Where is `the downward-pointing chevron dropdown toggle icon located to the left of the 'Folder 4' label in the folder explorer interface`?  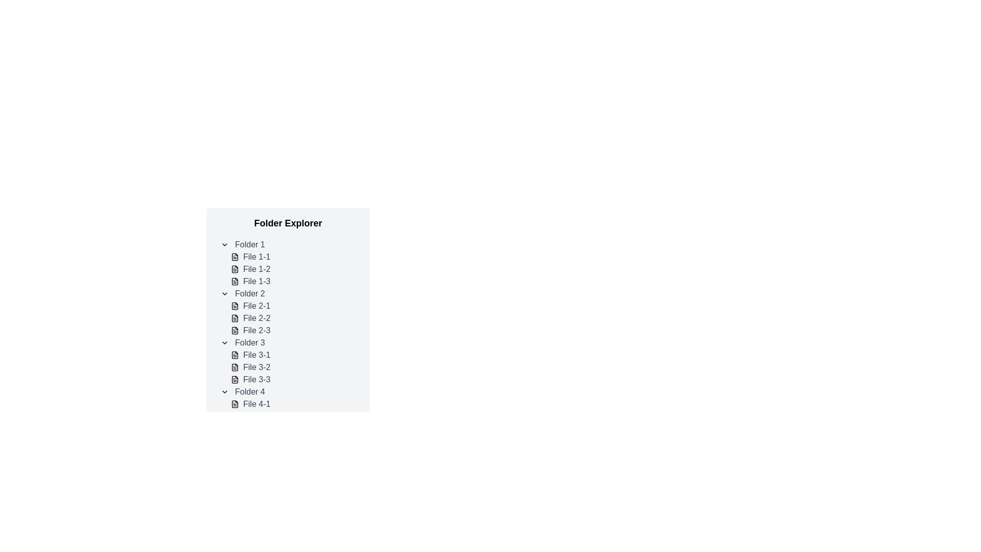
the downward-pointing chevron dropdown toggle icon located to the left of the 'Folder 4' label in the folder explorer interface is located at coordinates (224, 392).